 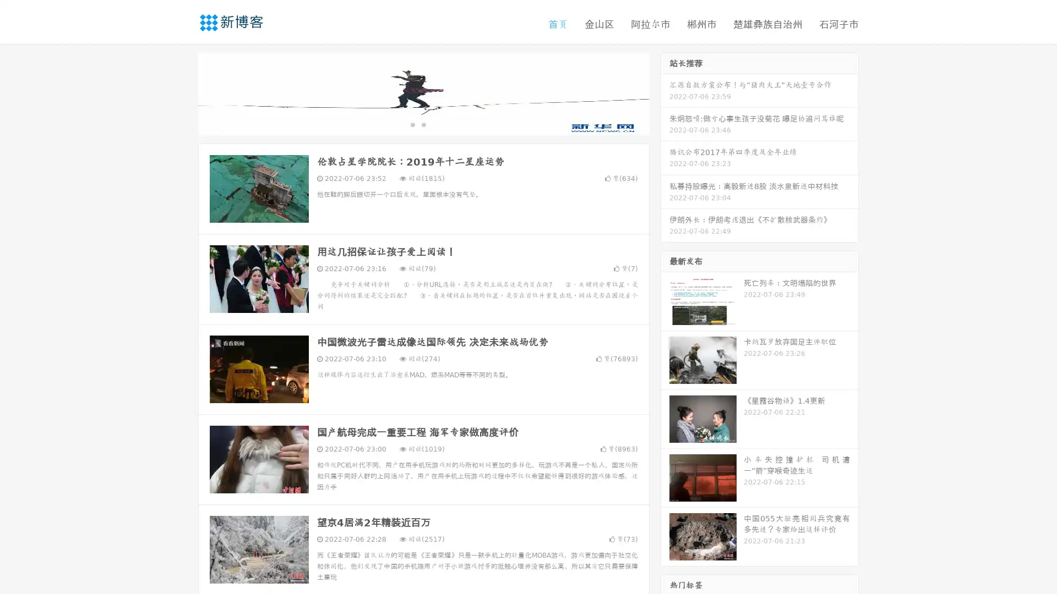 I want to click on Go to slide 3, so click(x=434, y=124).